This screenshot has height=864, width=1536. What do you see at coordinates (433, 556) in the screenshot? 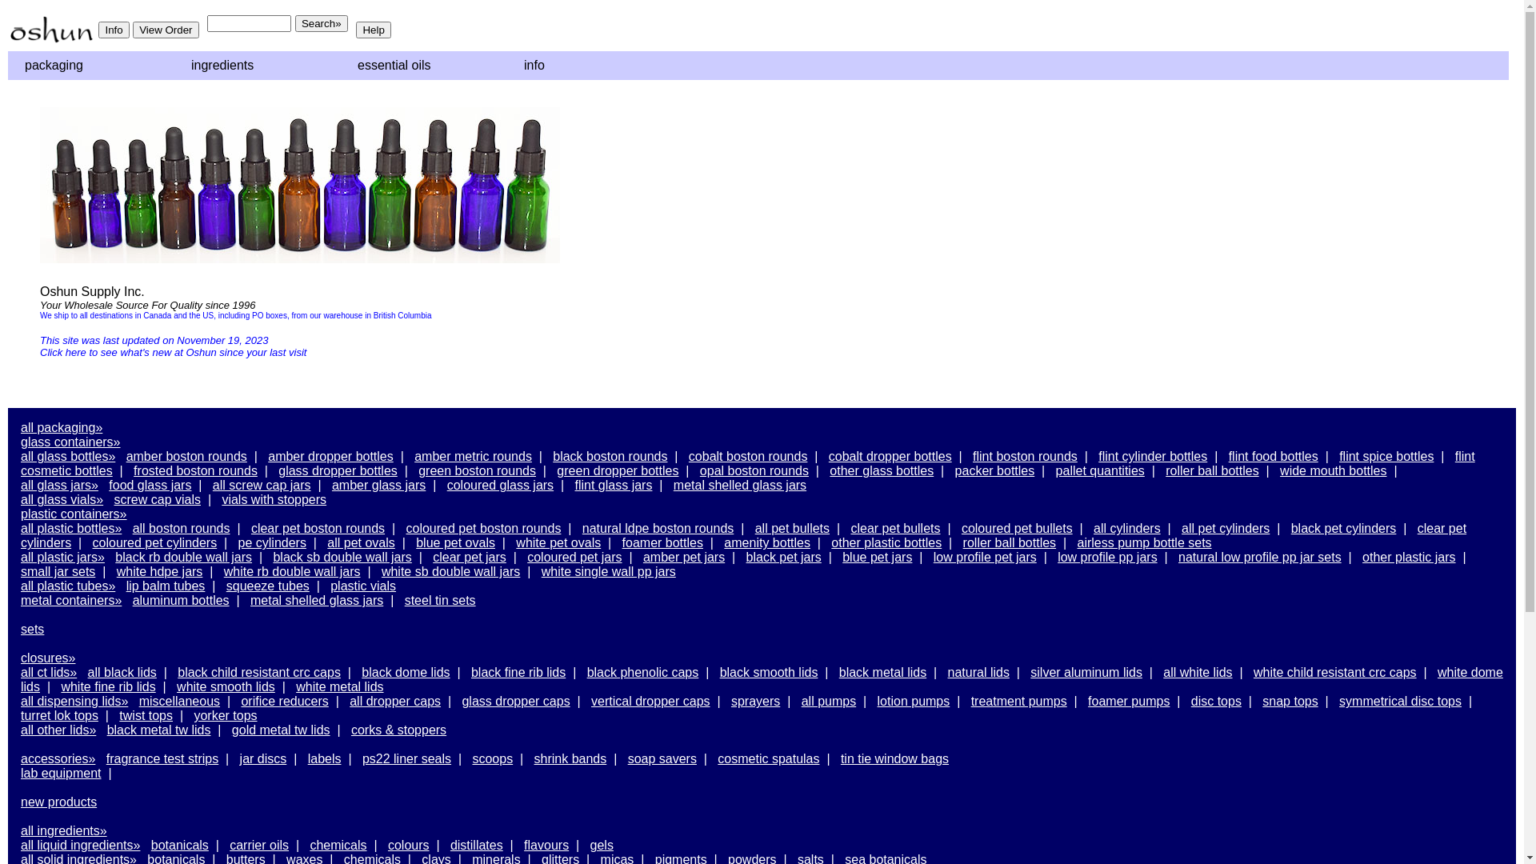
I see `'clear pet jars'` at bounding box center [433, 556].